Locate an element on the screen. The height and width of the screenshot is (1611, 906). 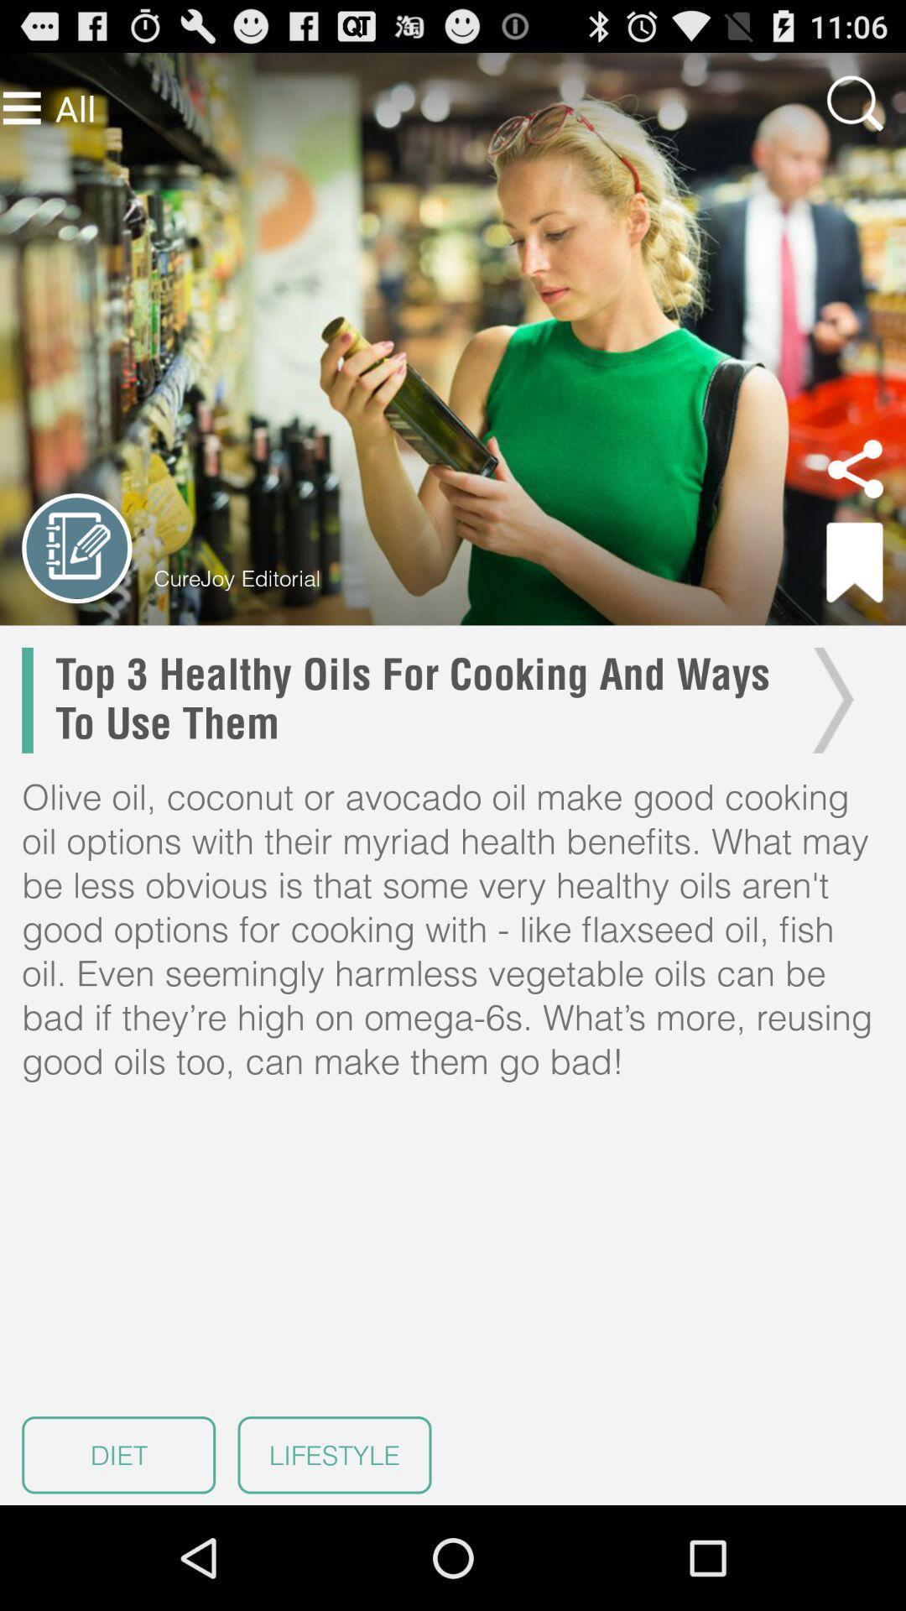
the share icon is located at coordinates (855, 501).